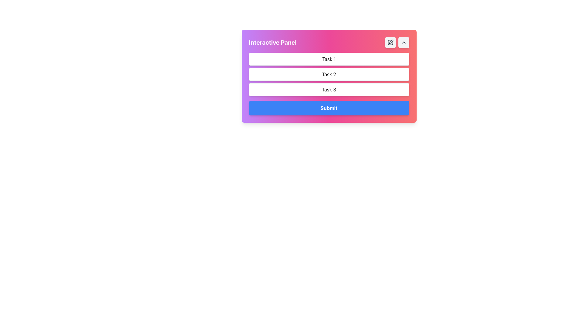 The image size is (583, 328). Describe the element at coordinates (404, 42) in the screenshot. I see `the toggle button with an up arrow located at the top-right corner of the interactive panel` at that location.